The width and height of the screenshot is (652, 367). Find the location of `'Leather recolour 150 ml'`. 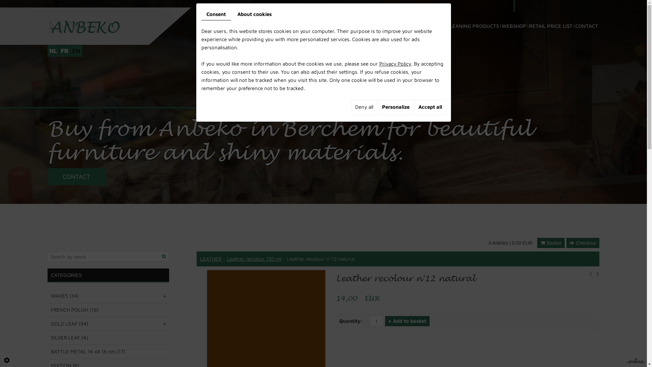

'Leather recolour 150 ml' is located at coordinates (254, 259).